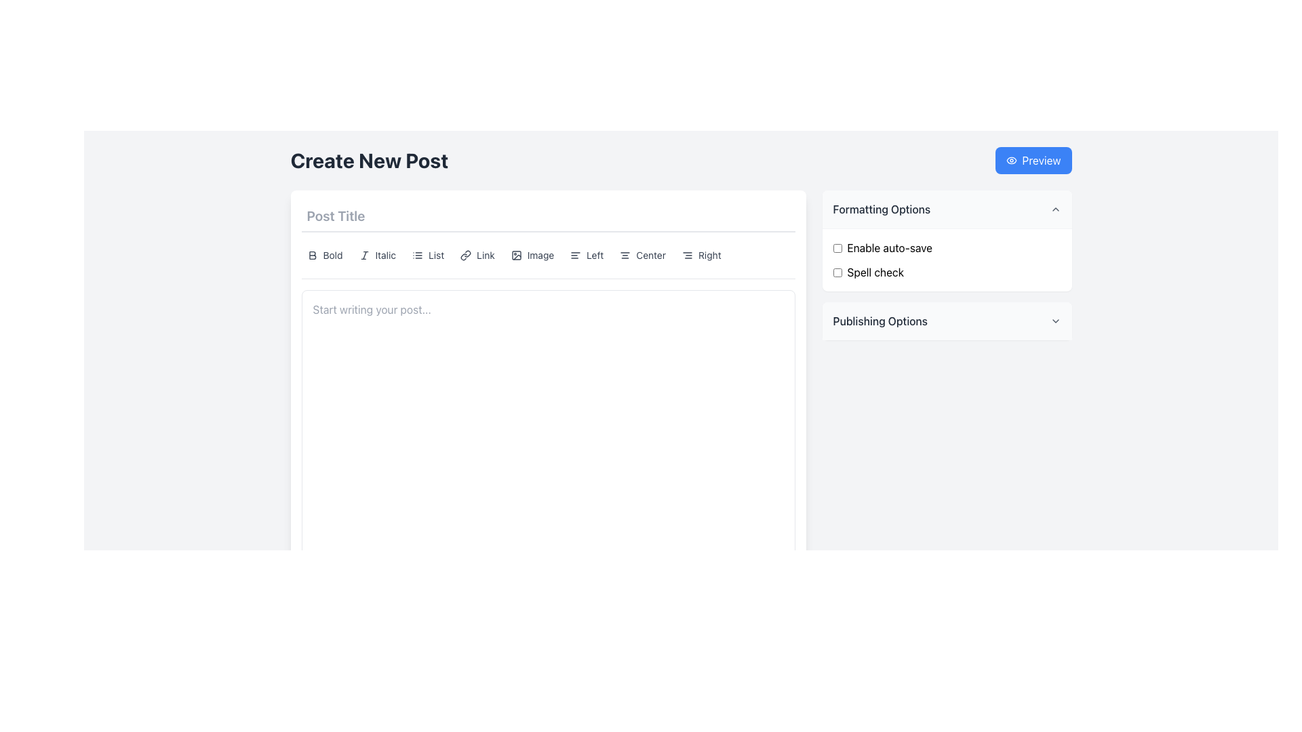 Image resolution: width=1302 pixels, height=732 pixels. What do you see at coordinates (548, 261) in the screenshot?
I see `a button in the formatting toolbar located below the 'Post Title' input field to apply the corresponding formatting option` at bounding box center [548, 261].